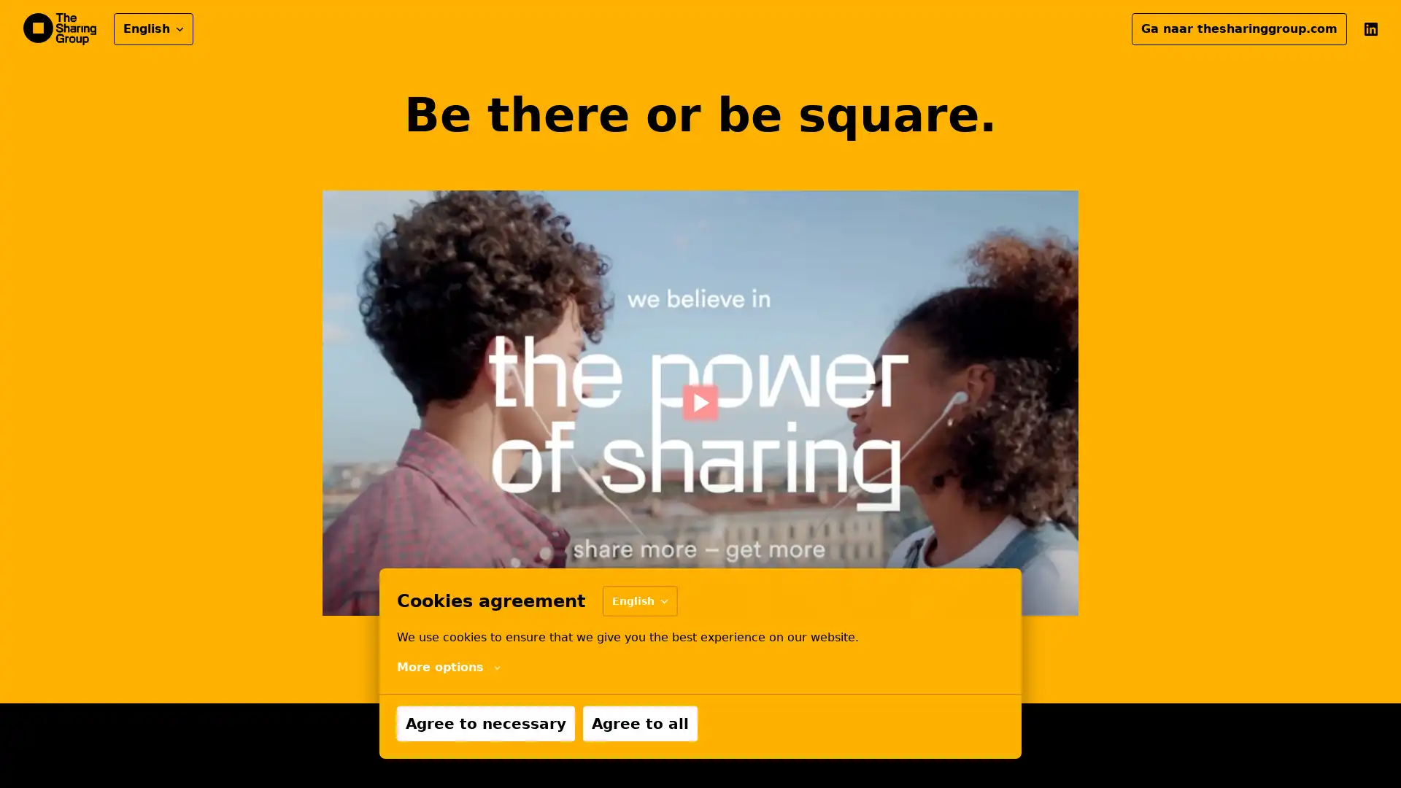 The image size is (1401, 788). I want to click on Play, so click(699, 402).